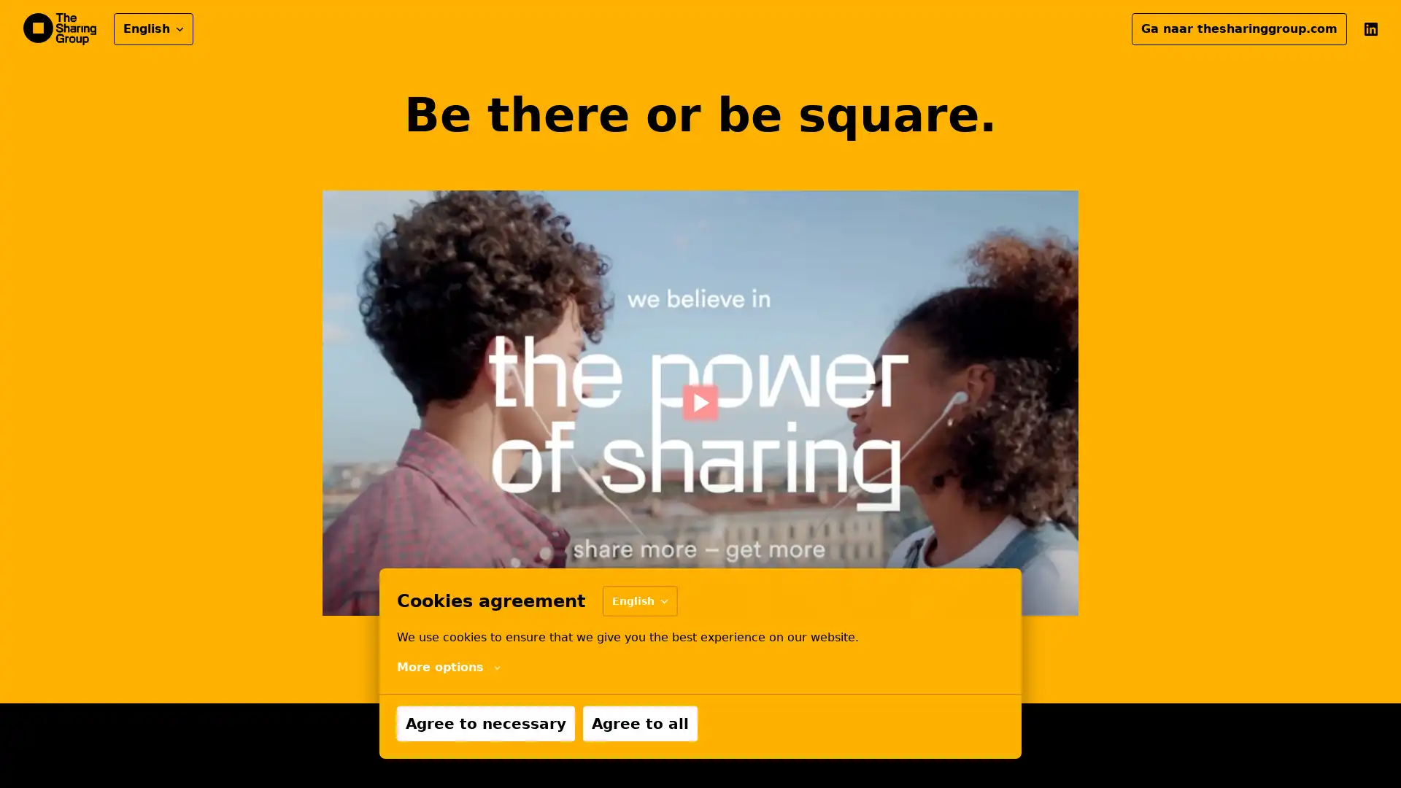 The image size is (1401, 788). I want to click on Play, so click(699, 402).